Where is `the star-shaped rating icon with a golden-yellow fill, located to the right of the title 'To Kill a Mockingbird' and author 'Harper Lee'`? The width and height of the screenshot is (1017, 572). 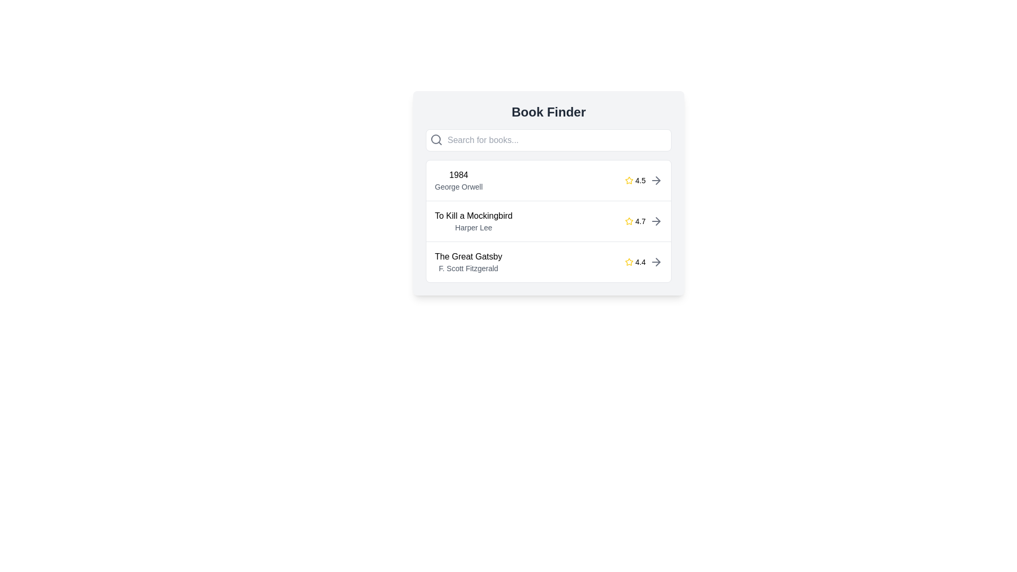 the star-shaped rating icon with a golden-yellow fill, located to the right of the title 'To Kill a Mockingbird' and author 'Harper Lee' is located at coordinates (629, 220).